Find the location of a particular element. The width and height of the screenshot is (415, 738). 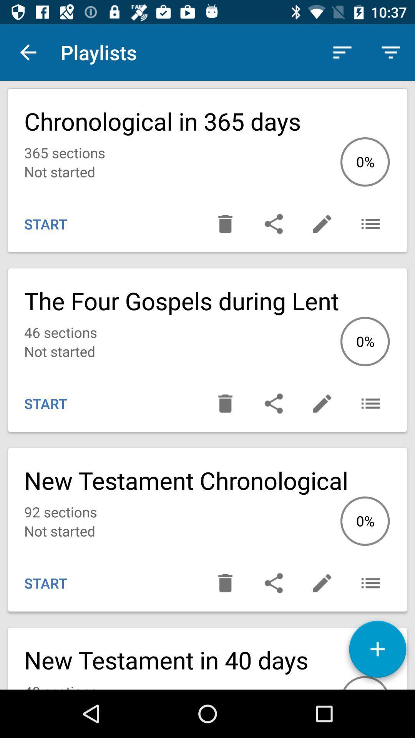

icon to the right of the 40 sections icon is located at coordinates (377, 652).